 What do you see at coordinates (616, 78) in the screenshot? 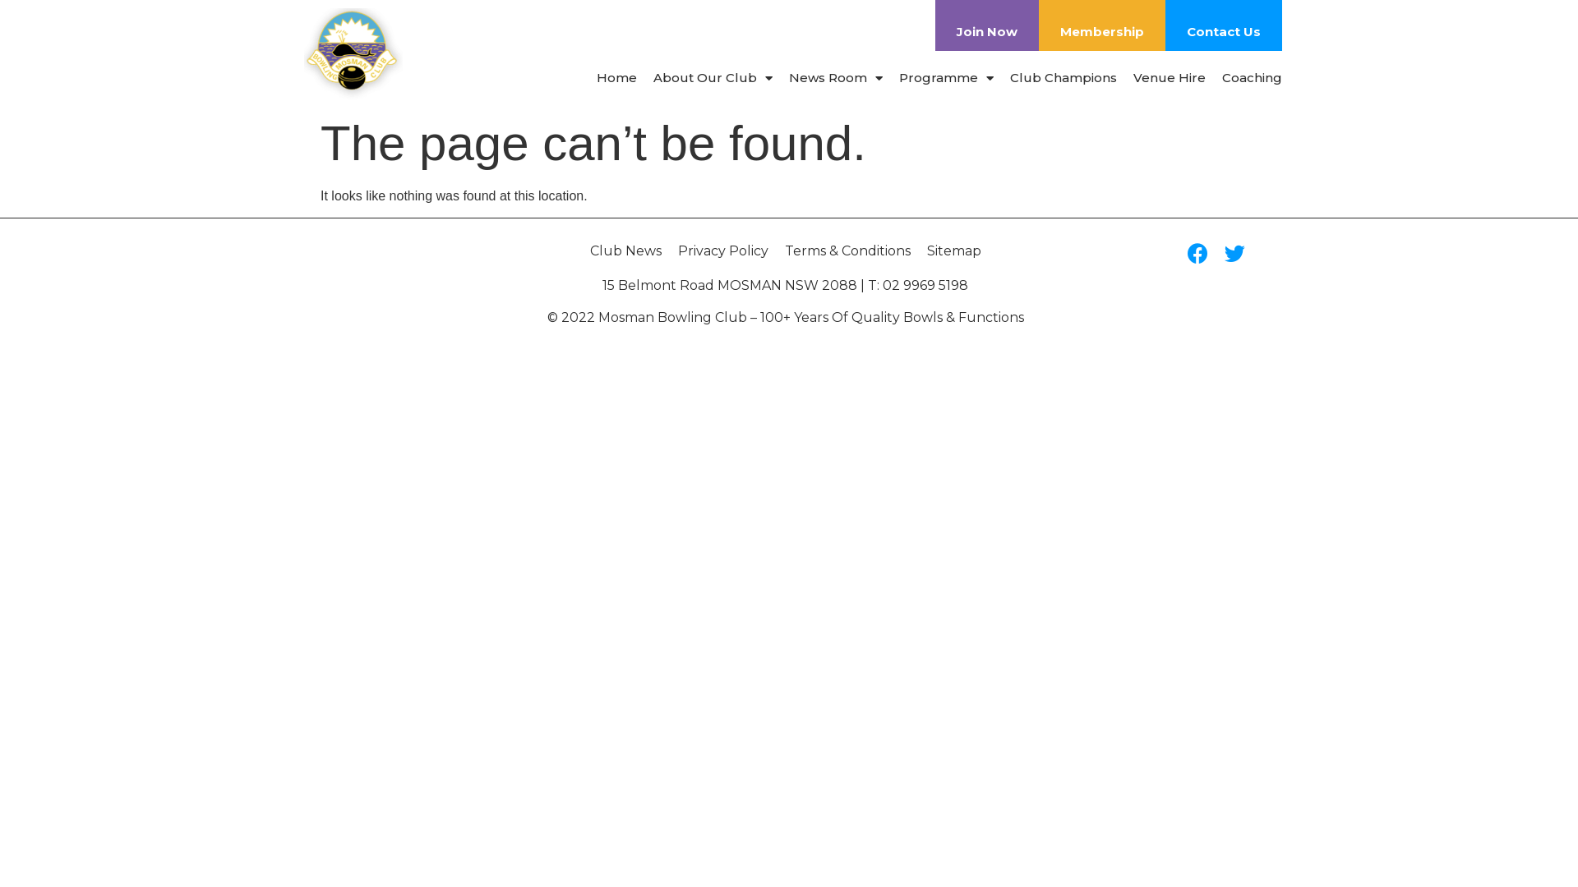
I see `'Home'` at bounding box center [616, 78].